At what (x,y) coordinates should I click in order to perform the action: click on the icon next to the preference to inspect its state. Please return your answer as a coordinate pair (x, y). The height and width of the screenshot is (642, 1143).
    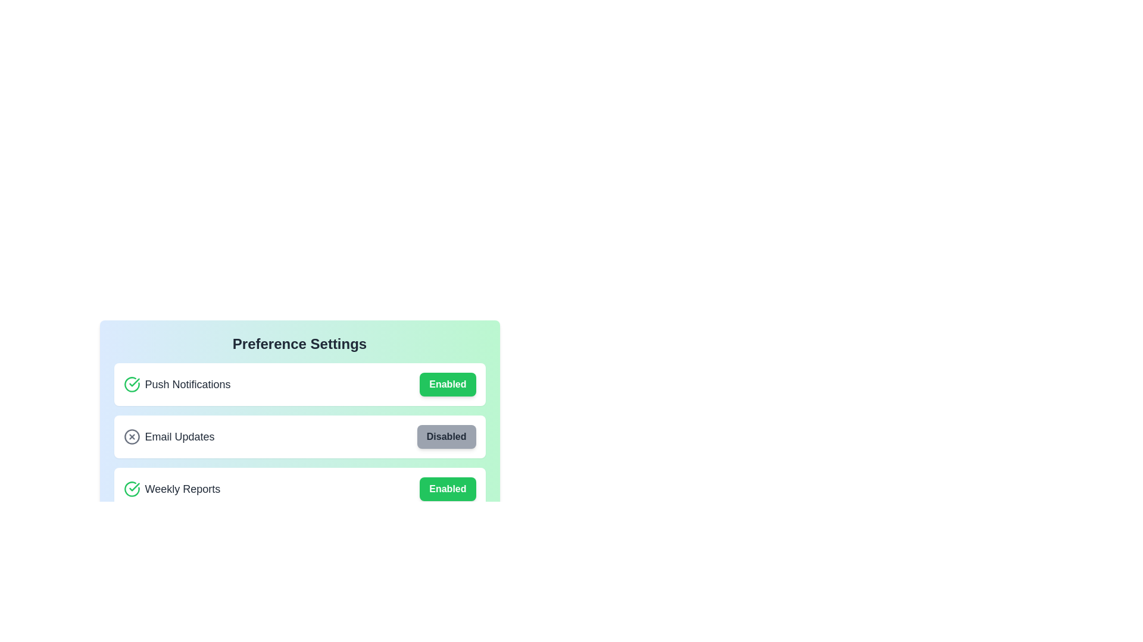
    Looking at the image, I should click on (132, 385).